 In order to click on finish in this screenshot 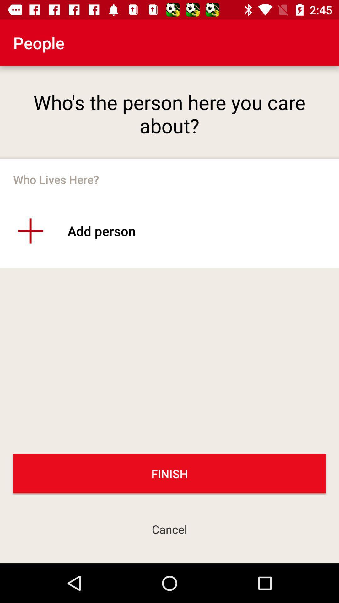, I will do `click(169, 474)`.